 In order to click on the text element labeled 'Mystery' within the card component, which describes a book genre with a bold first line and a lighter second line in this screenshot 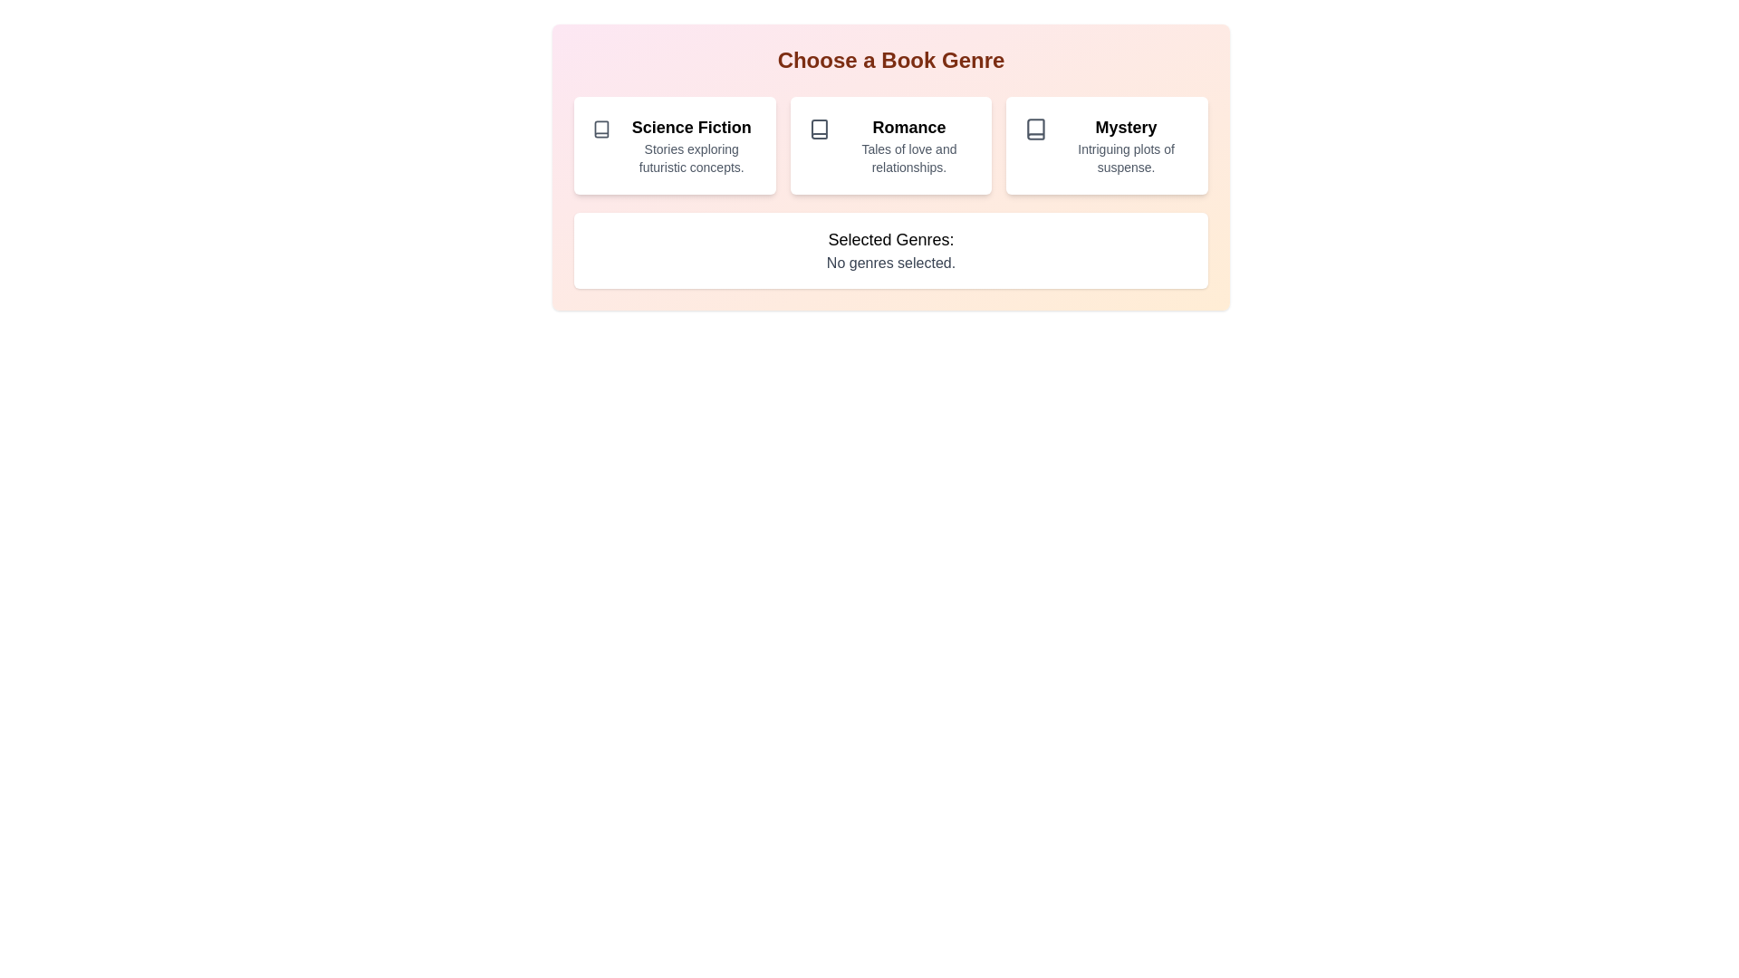, I will do `click(1125, 145)`.